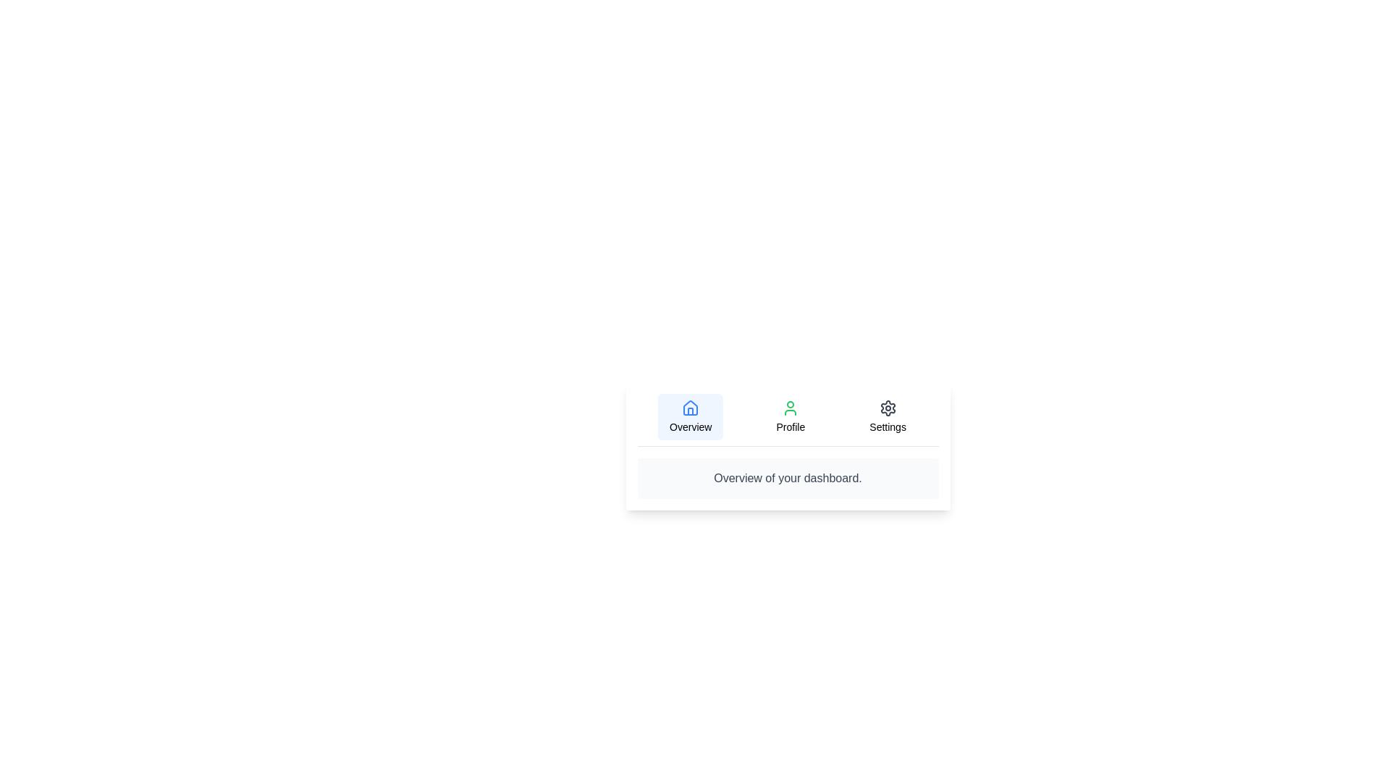 This screenshot has height=782, width=1390. Describe the element at coordinates (887, 416) in the screenshot. I see `the text portion labeled Settings to select it` at that location.